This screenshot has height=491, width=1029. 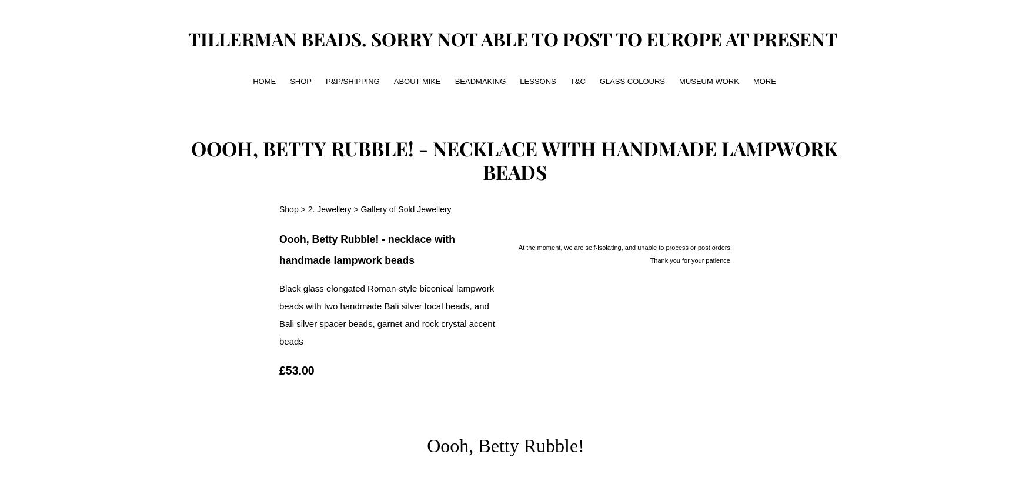 I want to click on 'beadmaking', so click(x=453, y=80).